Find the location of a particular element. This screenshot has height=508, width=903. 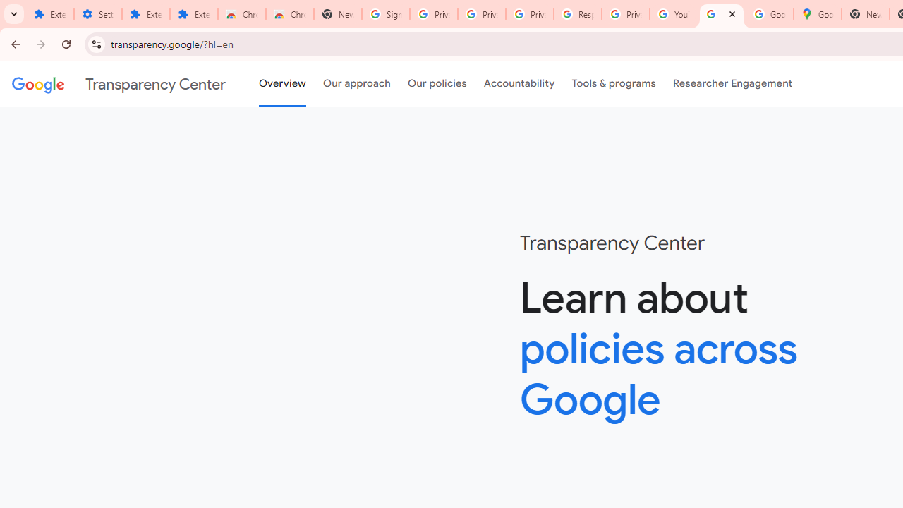

'Our policies' is located at coordinates (437, 84).